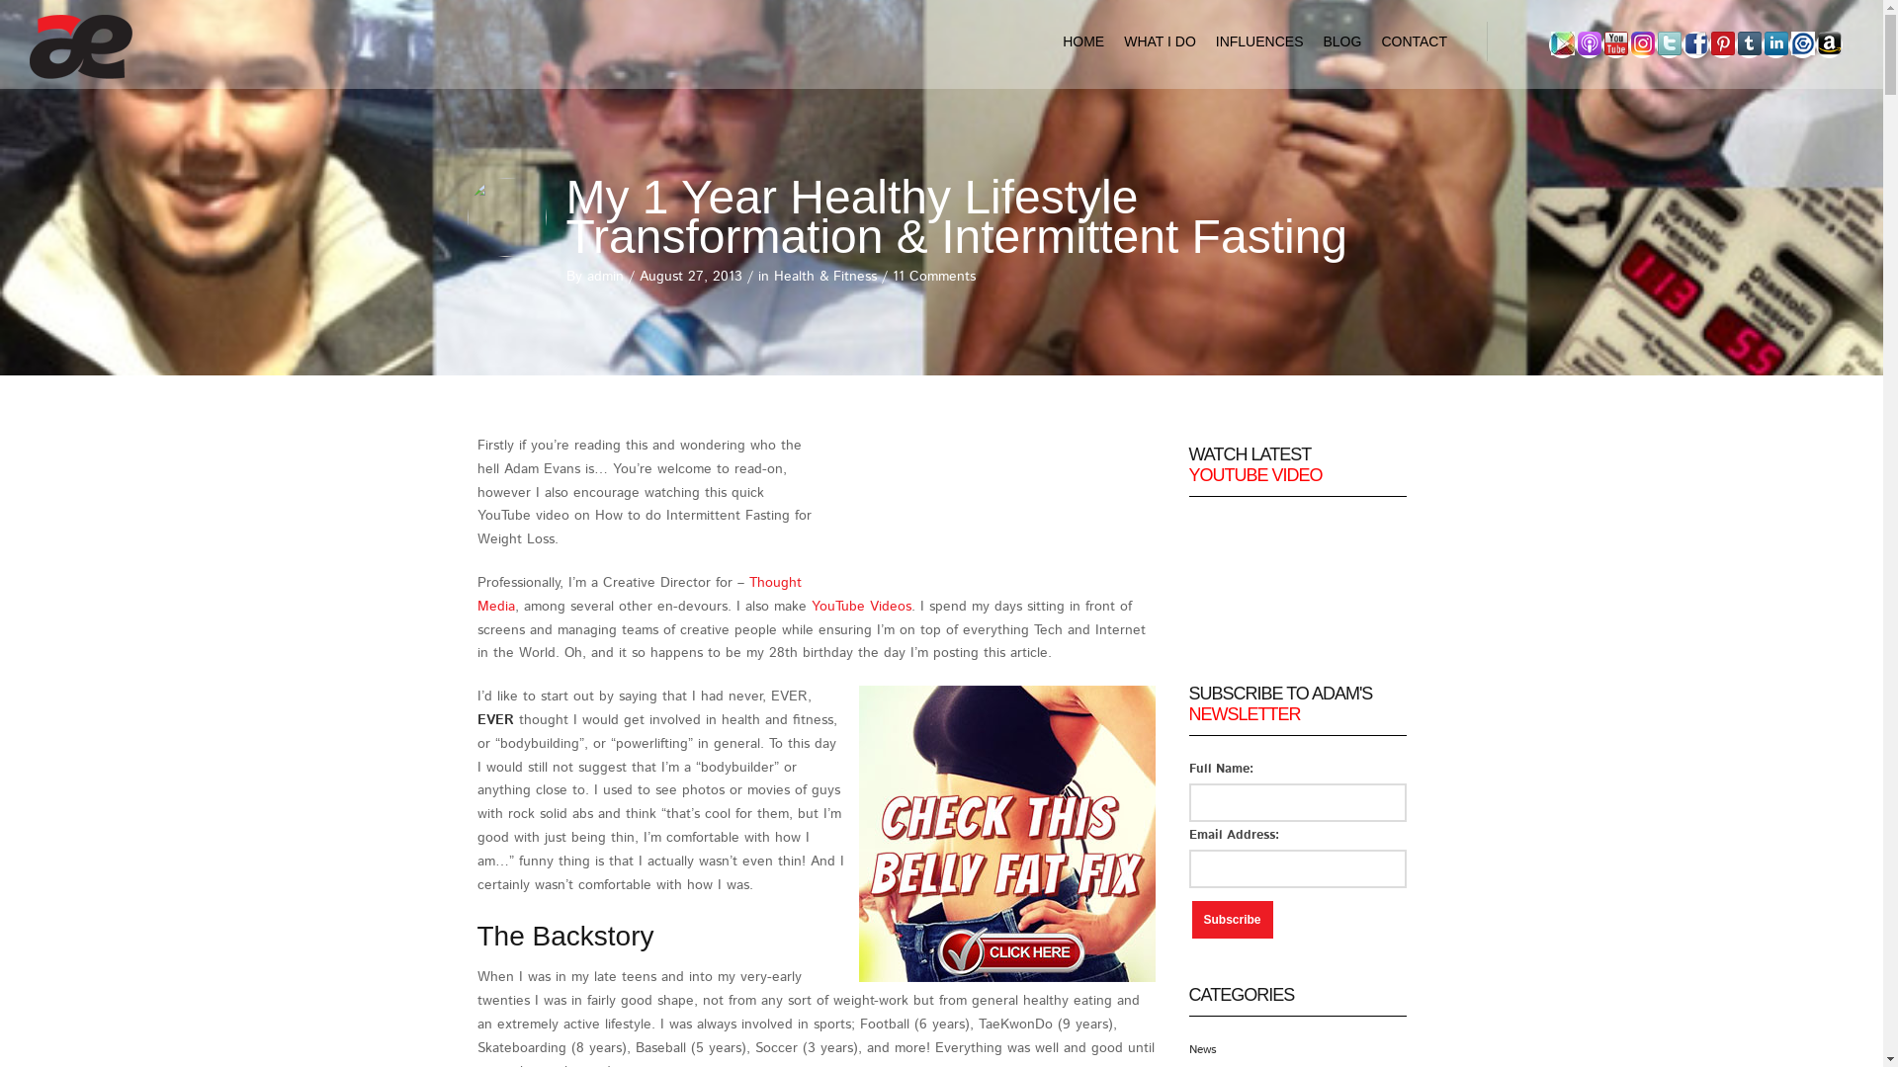 The image size is (1898, 1067). I want to click on 'instagram', so click(1631, 42).